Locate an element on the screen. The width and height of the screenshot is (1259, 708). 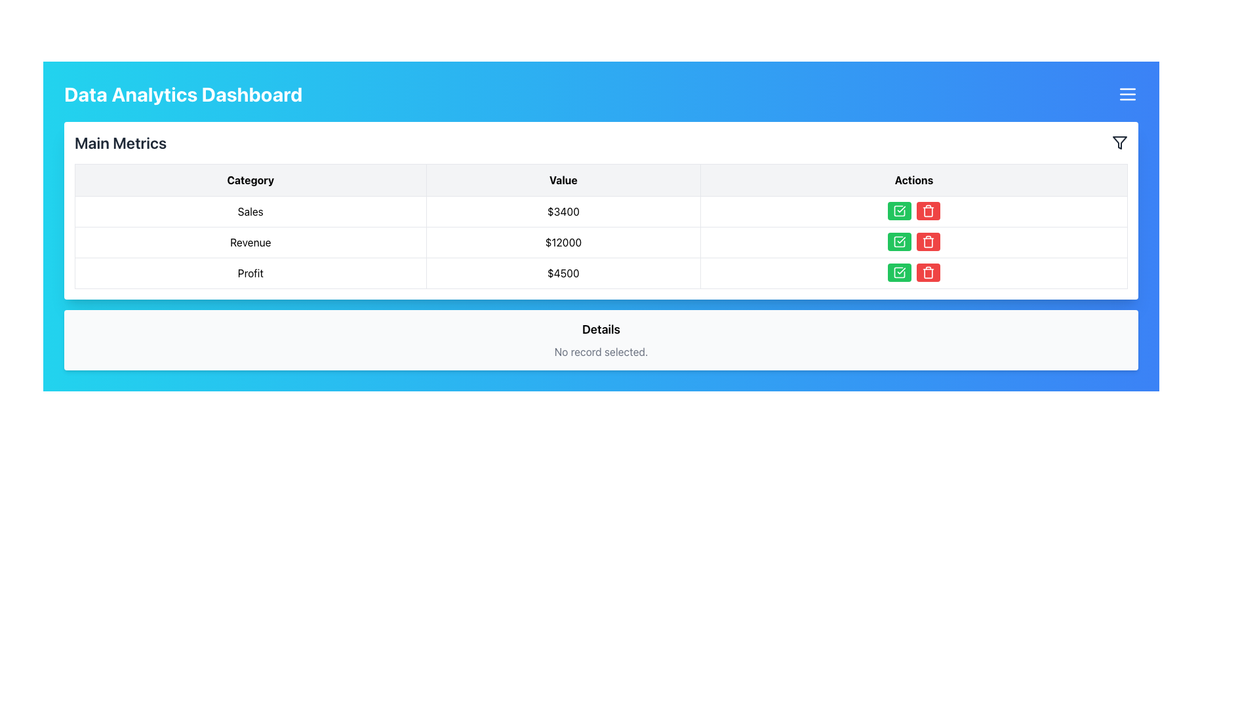
the trash icon with a red background and a trash bin symbol in the Actions column of the third row in the Main Metrics table is located at coordinates (928, 242).